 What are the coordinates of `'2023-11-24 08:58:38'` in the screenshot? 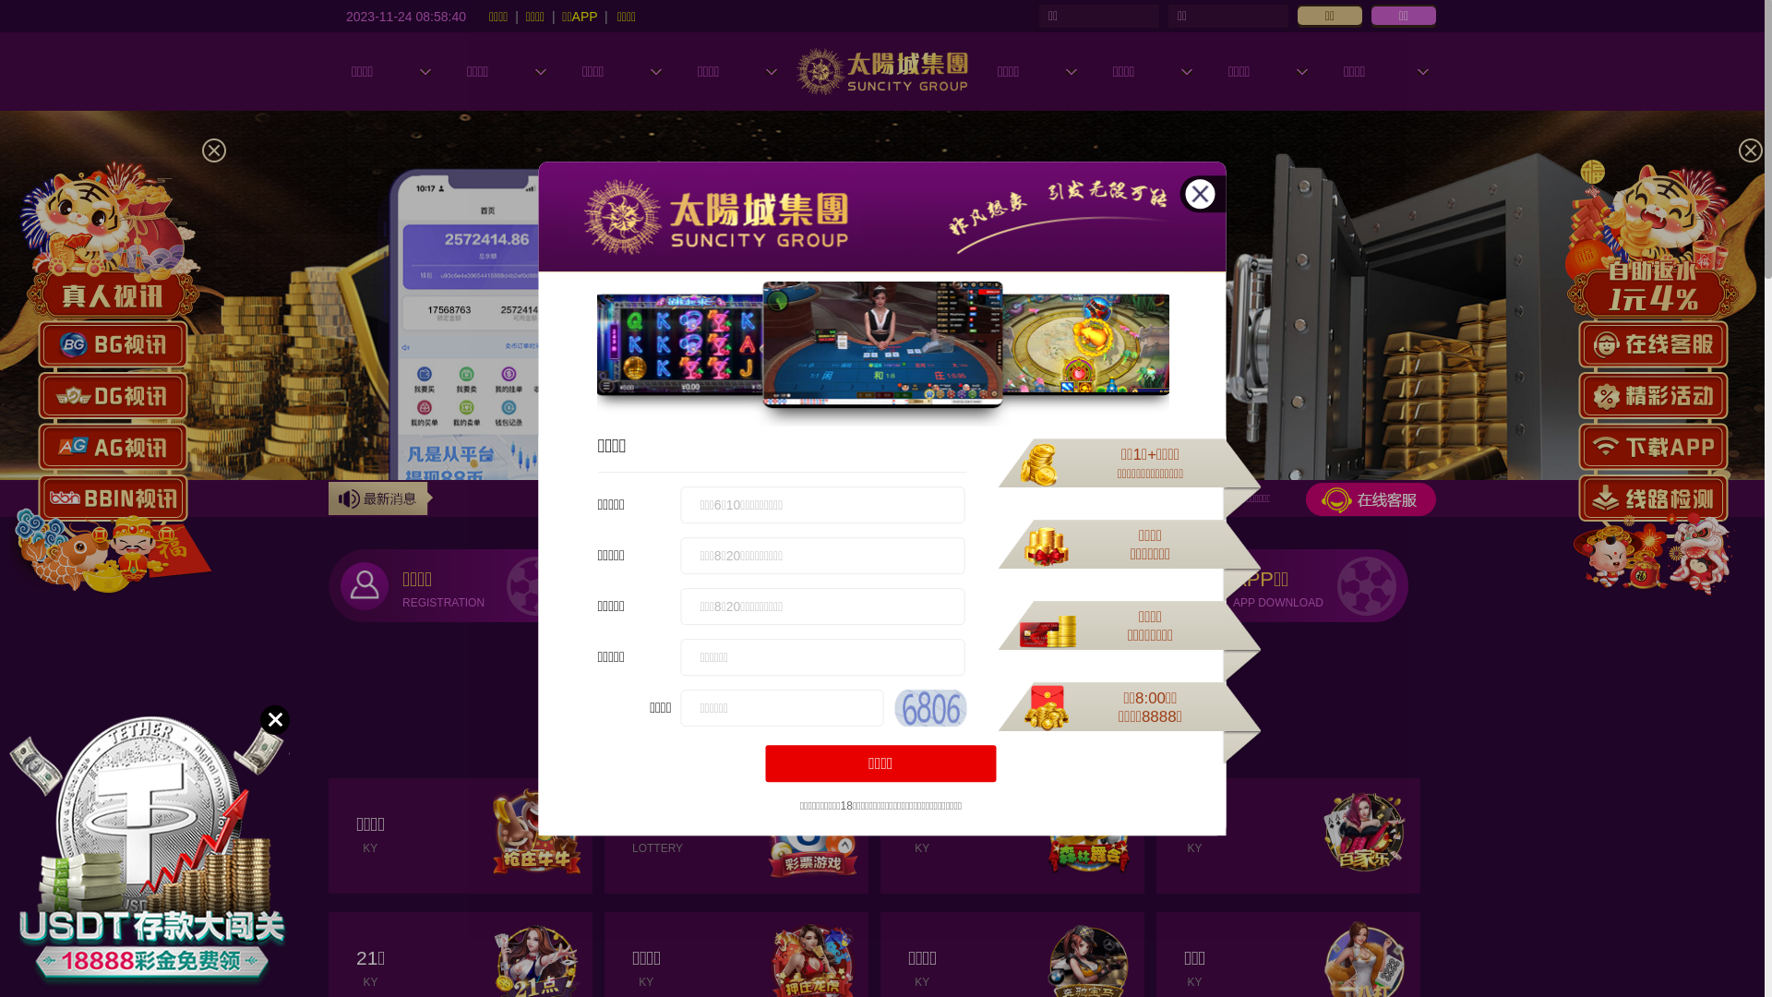 It's located at (405, 15).